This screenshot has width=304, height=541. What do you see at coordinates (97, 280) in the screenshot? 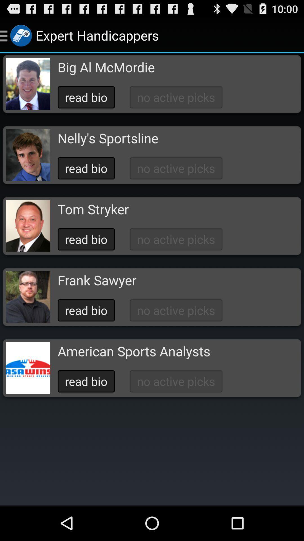
I see `button above the read bio` at bounding box center [97, 280].